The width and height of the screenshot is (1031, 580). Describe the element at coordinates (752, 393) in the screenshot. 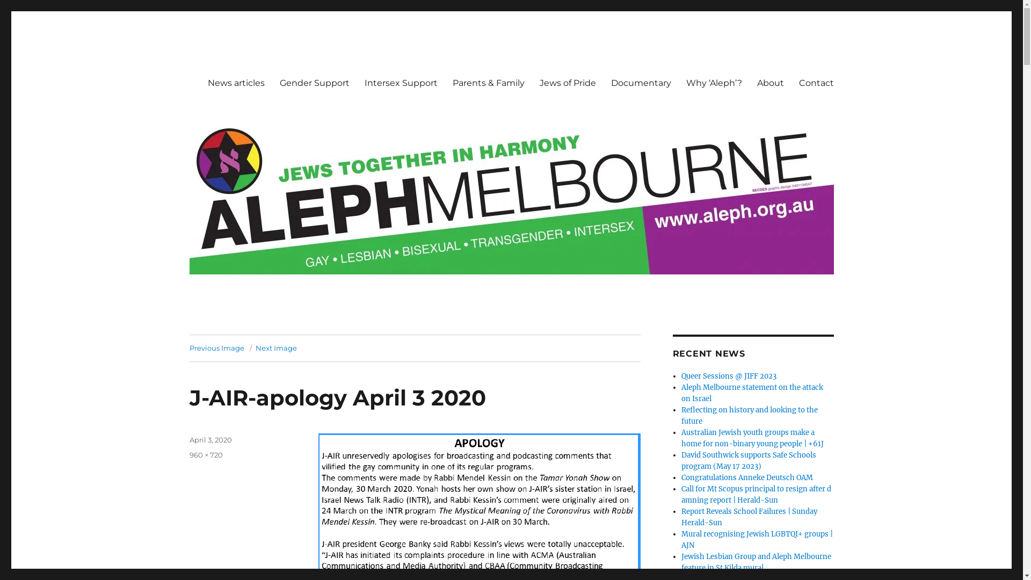

I see `'Aleph Melbourne statement on the attack on Israel'` at that location.